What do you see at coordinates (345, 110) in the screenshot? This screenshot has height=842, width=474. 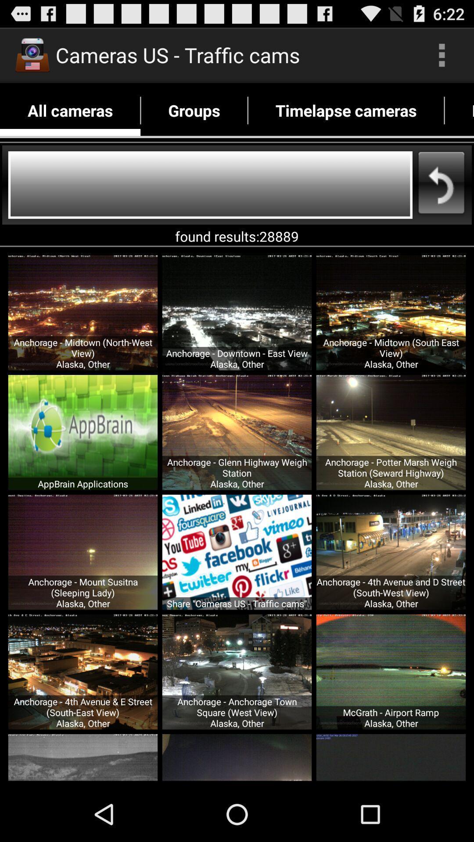 I see `the timelapse cameras item` at bounding box center [345, 110].